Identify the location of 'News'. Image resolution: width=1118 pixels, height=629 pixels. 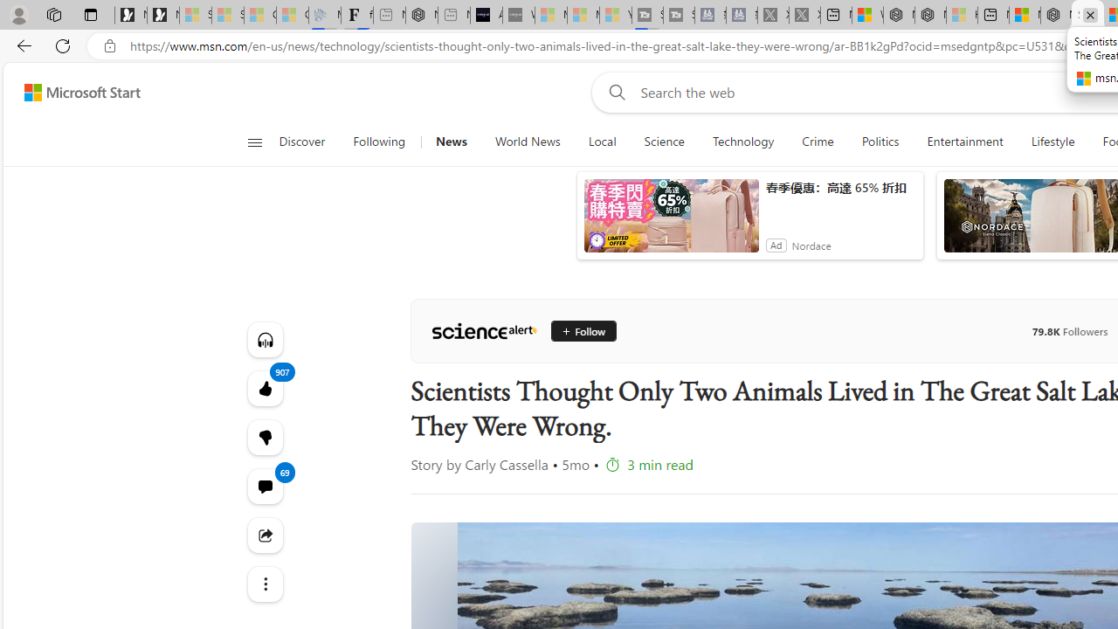
(451, 142).